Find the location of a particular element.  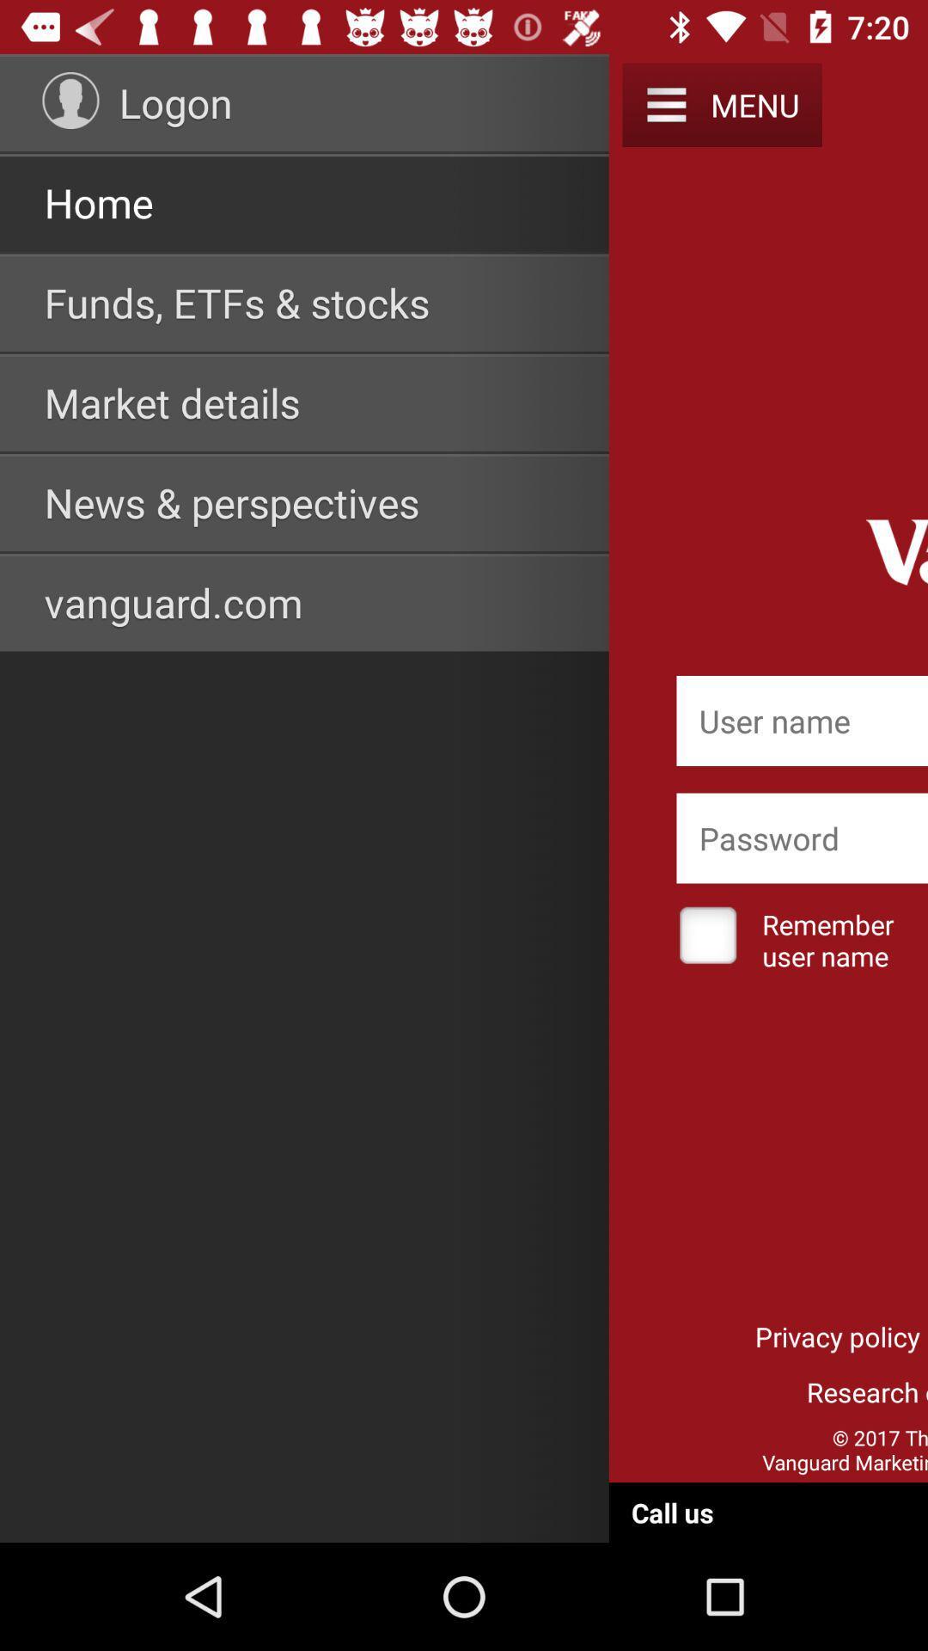

user name is located at coordinates (802, 721).